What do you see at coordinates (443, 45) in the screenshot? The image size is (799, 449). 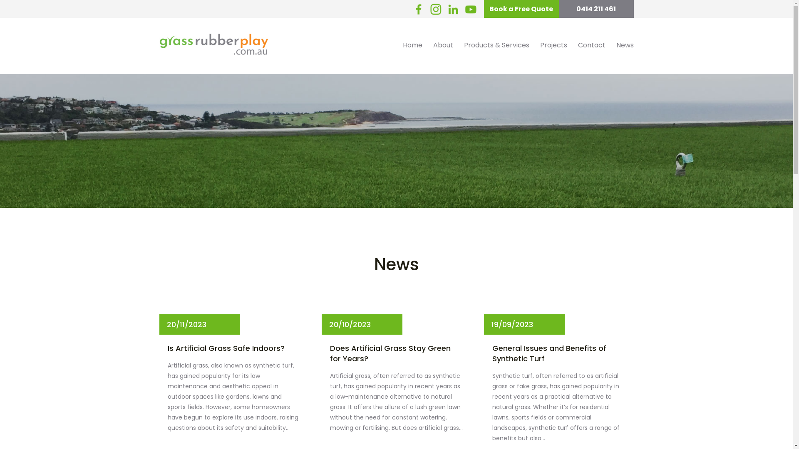 I see `'About'` at bounding box center [443, 45].